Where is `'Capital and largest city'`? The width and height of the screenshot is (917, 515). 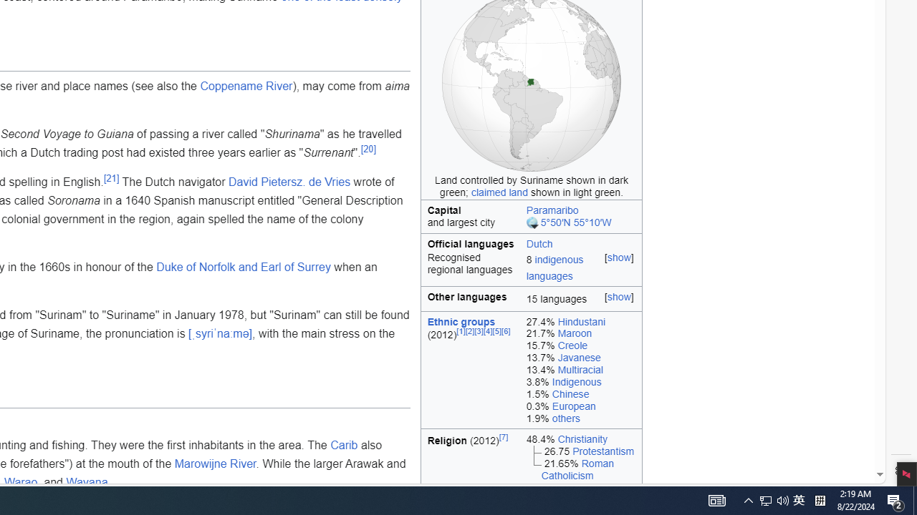
'Capital and largest city' is located at coordinates (471, 217).